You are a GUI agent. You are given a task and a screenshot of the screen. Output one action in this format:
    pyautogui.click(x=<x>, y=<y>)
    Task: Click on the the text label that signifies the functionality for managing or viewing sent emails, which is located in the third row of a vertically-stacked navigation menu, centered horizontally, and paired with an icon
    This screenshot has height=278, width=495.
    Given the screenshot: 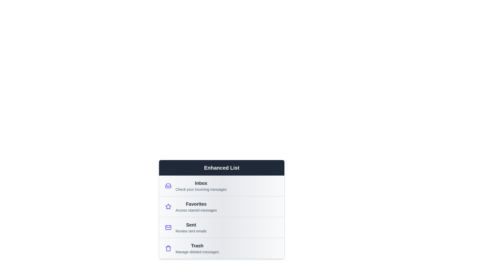 What is the action you would take?
    pyautogui.click(x=191, y=225)
    